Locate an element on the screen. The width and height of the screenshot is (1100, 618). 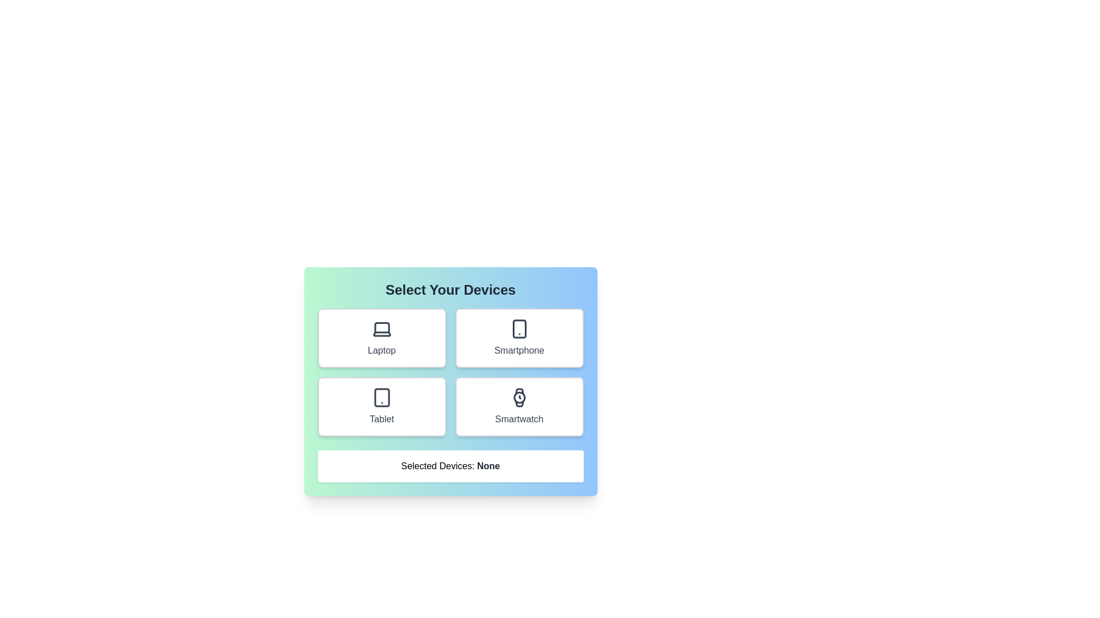
the Smartphone button to toggle its selection is located at coordinates (518, 337).